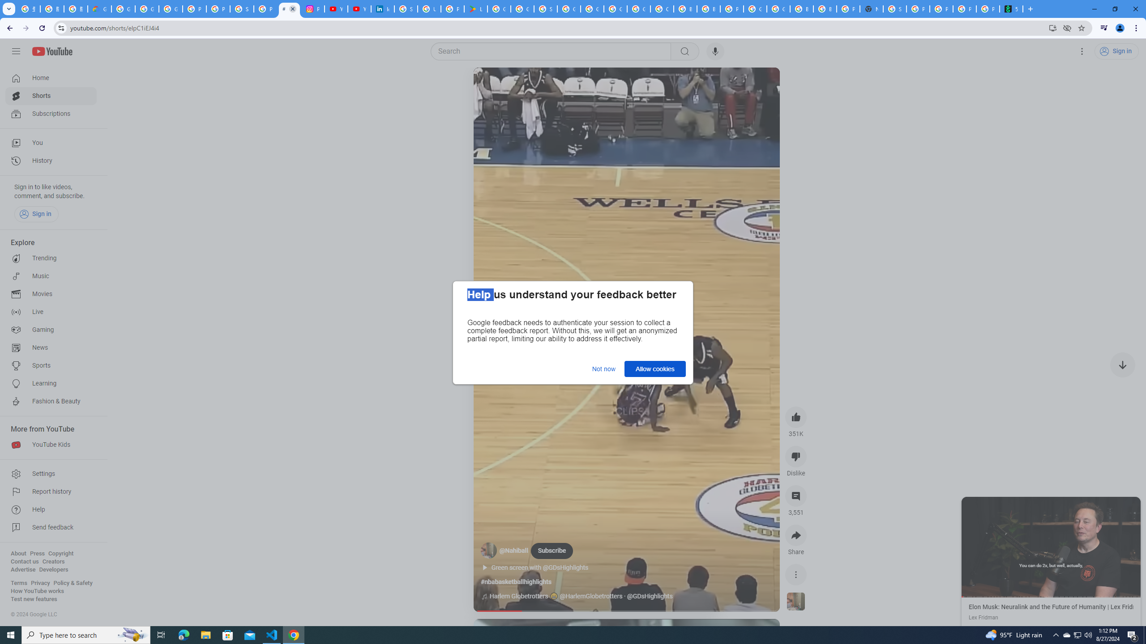 The image size is (1146, 644). I want to click on 'Shorts', so click(51, 96).